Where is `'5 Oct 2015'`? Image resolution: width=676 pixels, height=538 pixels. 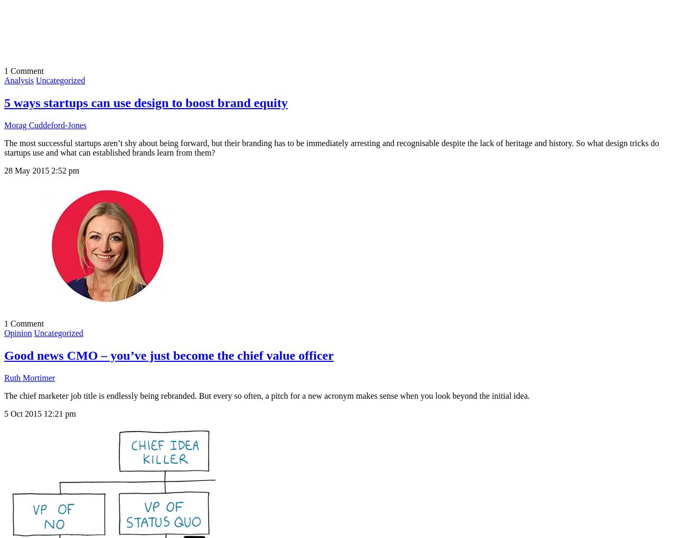 '5 Oct 2015' is located at coordinates (4, 413).